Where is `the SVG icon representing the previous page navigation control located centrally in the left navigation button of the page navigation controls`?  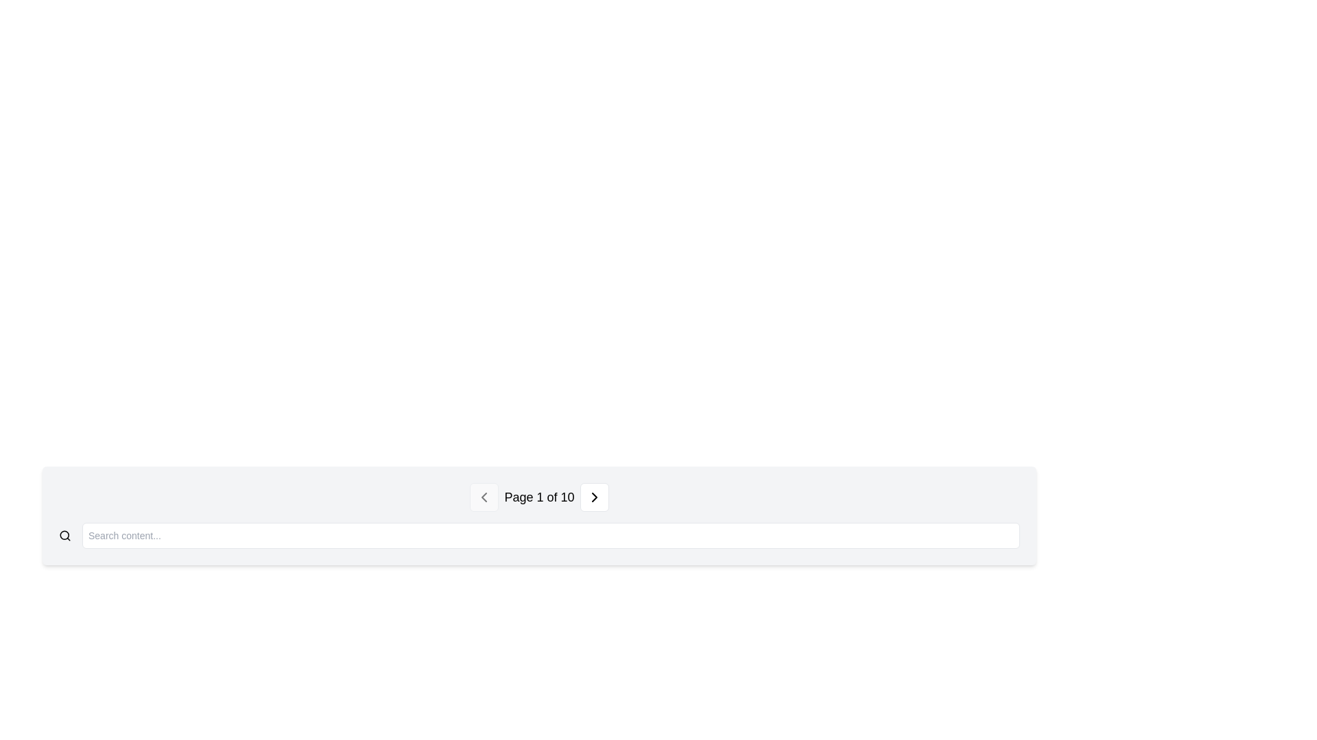
the SVG icon representing the previous page navigation control located centrally in the left navigation button of the page navigation controls is located at coordinates (484, 497).